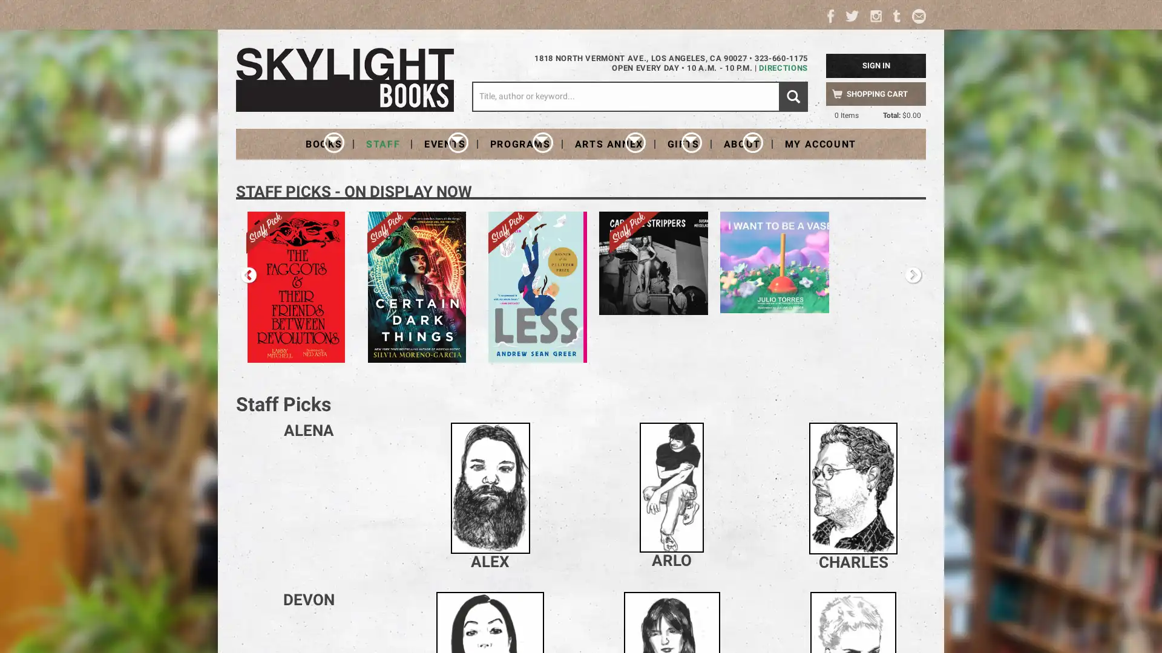 The width and height of the screenshot is (1162, 653). What do you see at coordinates (248, 275) in the screenshot?
I see `jcarouselbutton` at bounding box center [248, 275].